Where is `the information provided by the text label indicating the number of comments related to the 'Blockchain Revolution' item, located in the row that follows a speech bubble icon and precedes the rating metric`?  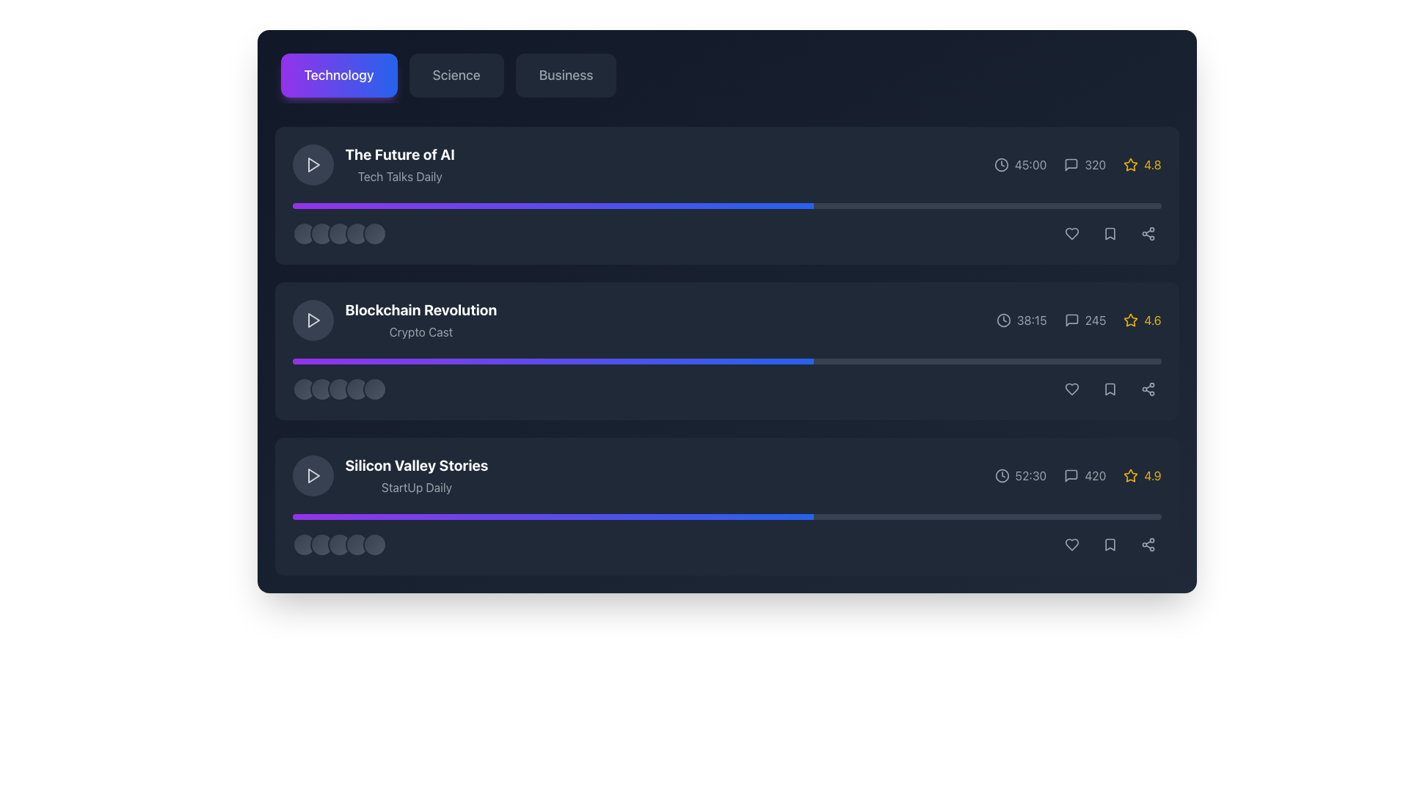 the information provided by the text label indicating the number of comments related to the 'Blockchain Revolution' item, located in the row that follows a speech bubble icon and precedes the rating metric is located at coordinates (1095, 319).